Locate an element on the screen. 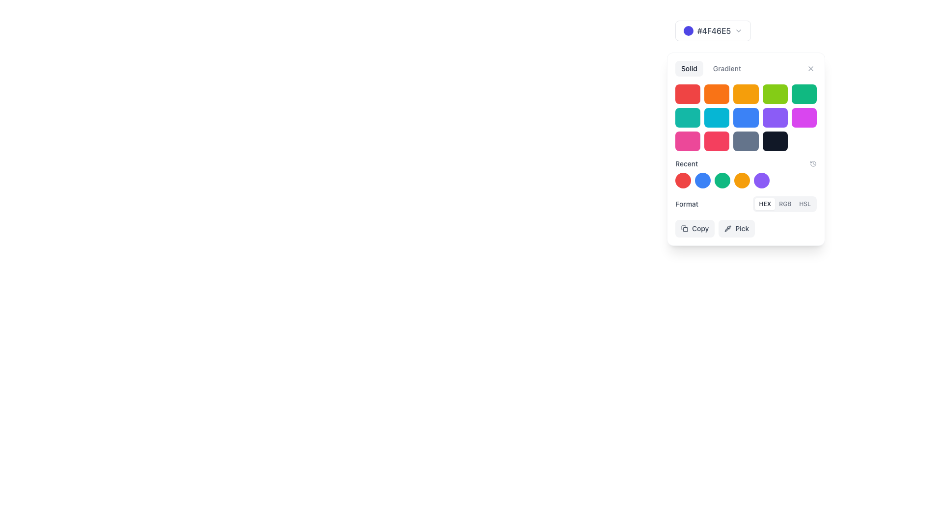 This screenshot has width=943, height=530. the vibrant cyan button with rounded corners in the color selection palette is located at coordinates (717, 117).